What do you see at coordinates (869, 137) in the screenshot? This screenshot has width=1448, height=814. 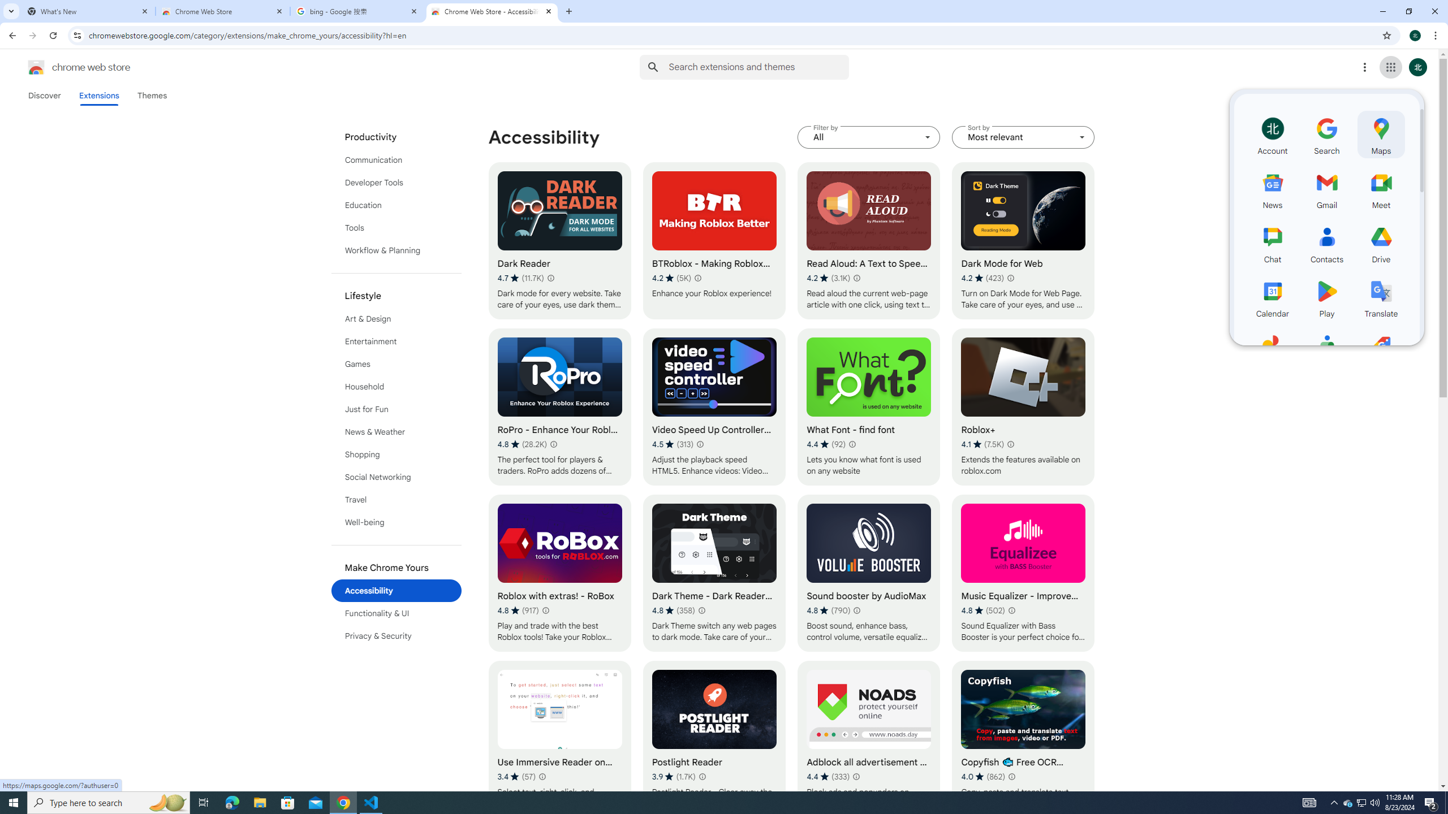 I see `'Filter by All'` at bounding box center [869, 137].